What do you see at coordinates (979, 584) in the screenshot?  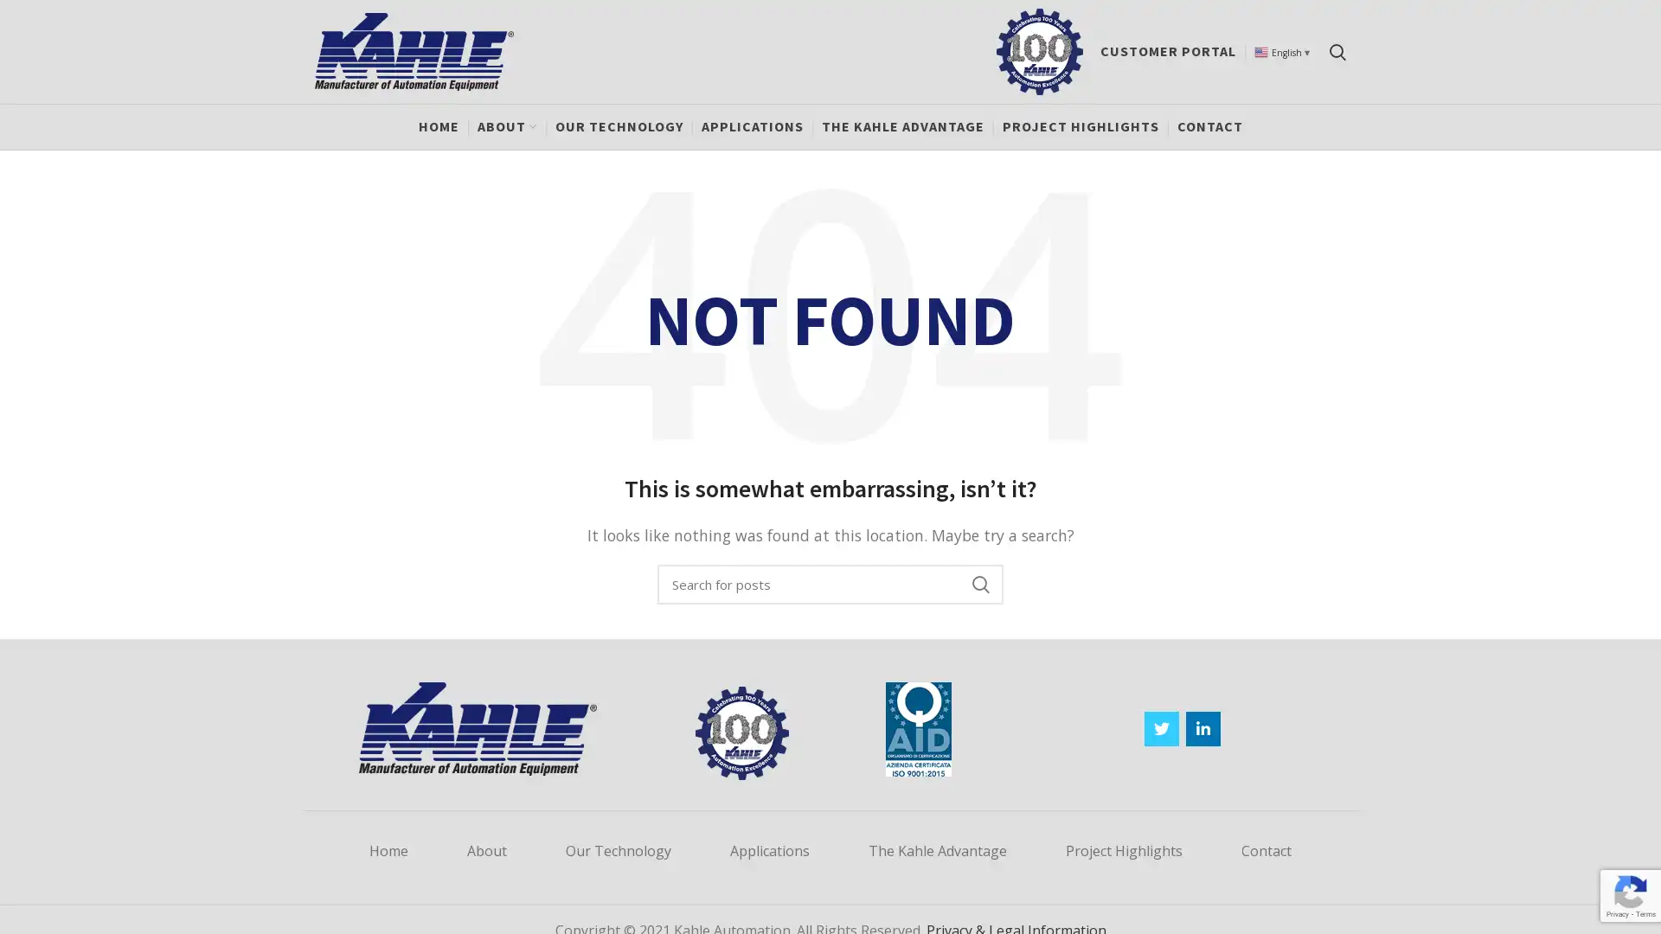 I see `SEARCH` at bounding box center [979, 584].